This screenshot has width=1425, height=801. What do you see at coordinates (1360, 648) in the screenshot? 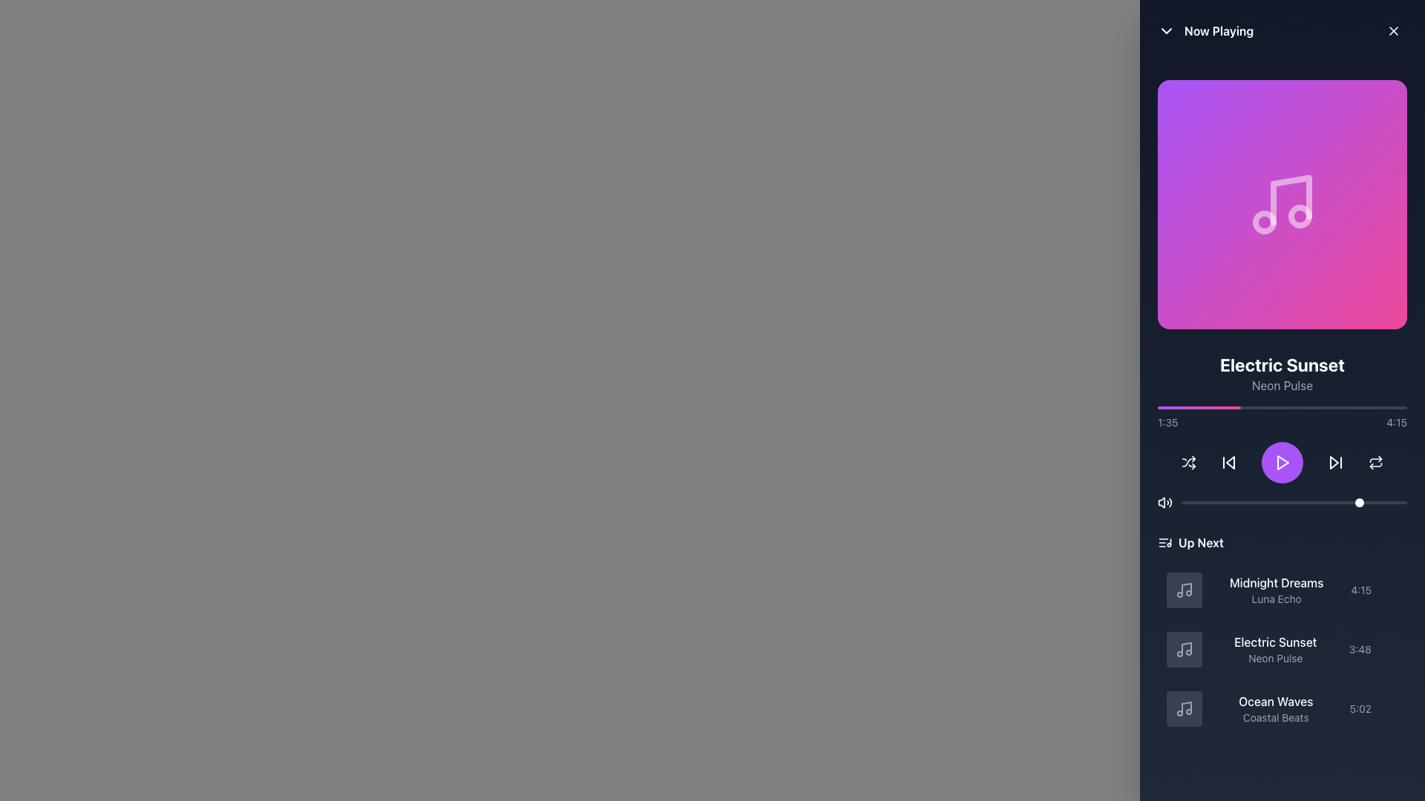
I see `the time indicator text label for the track 'Electric Sunset' located in the 'Up Next' section, positioned to the far right of the entry` at bounding box center [1360, 648].